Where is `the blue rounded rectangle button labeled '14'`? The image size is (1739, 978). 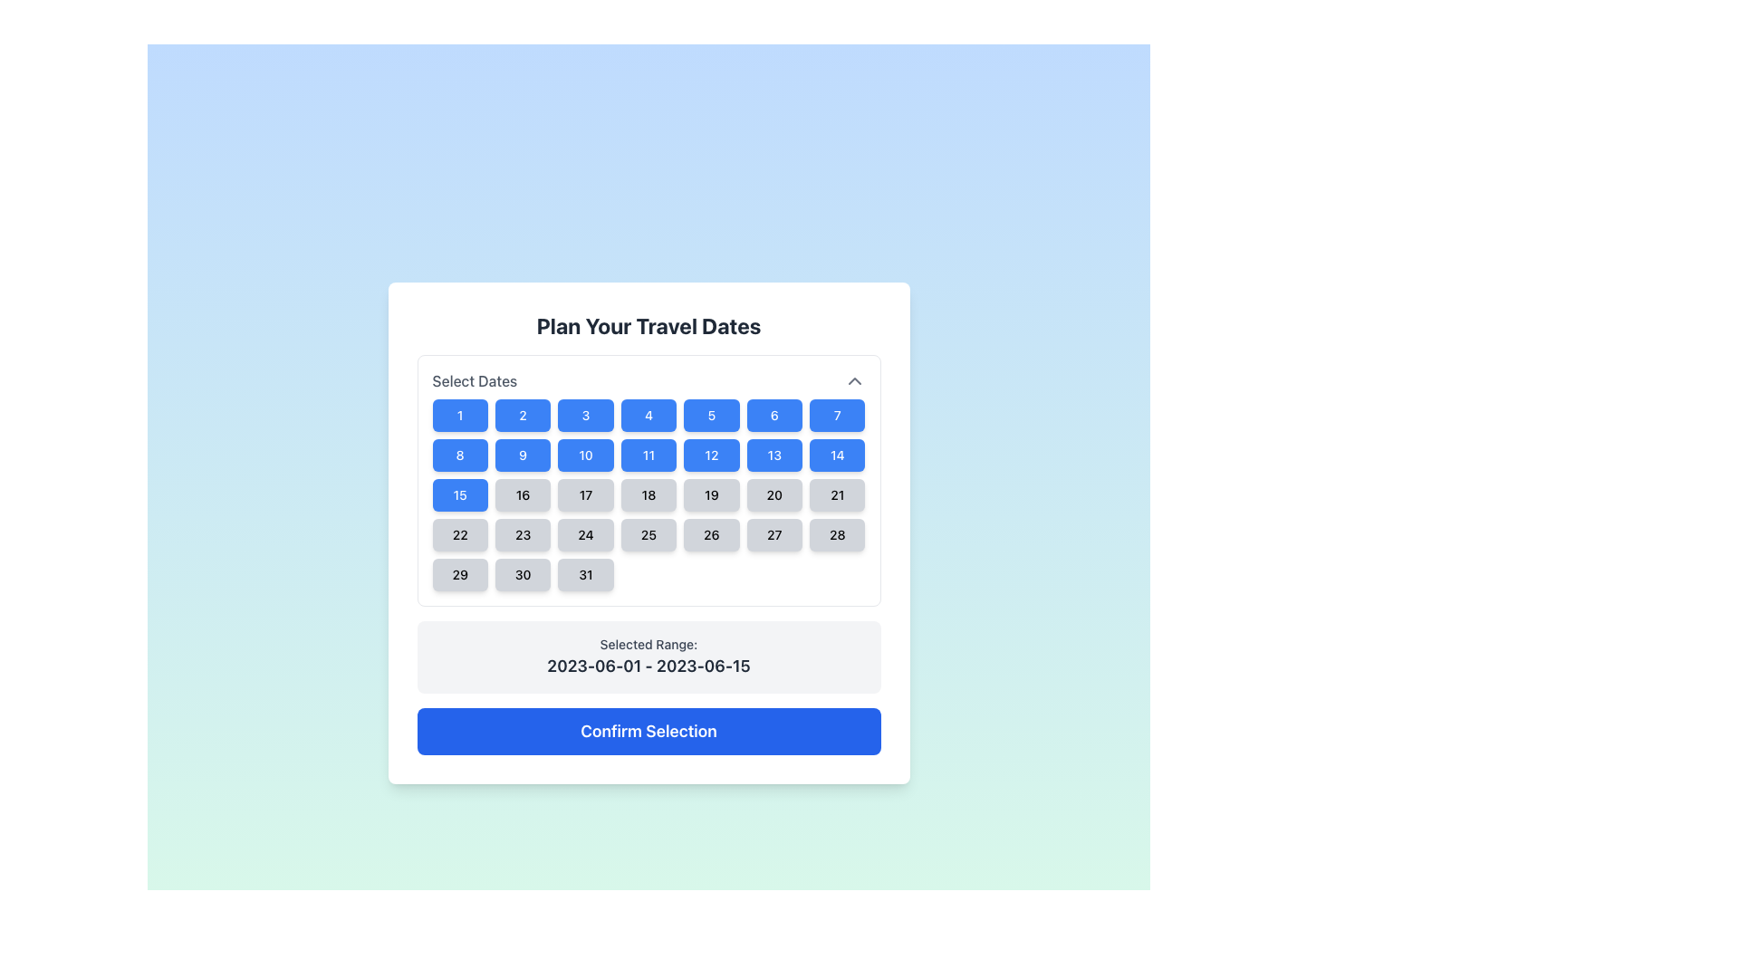 the blue rounded rectangle button labeled '14' is located at coordinates (836, 454).